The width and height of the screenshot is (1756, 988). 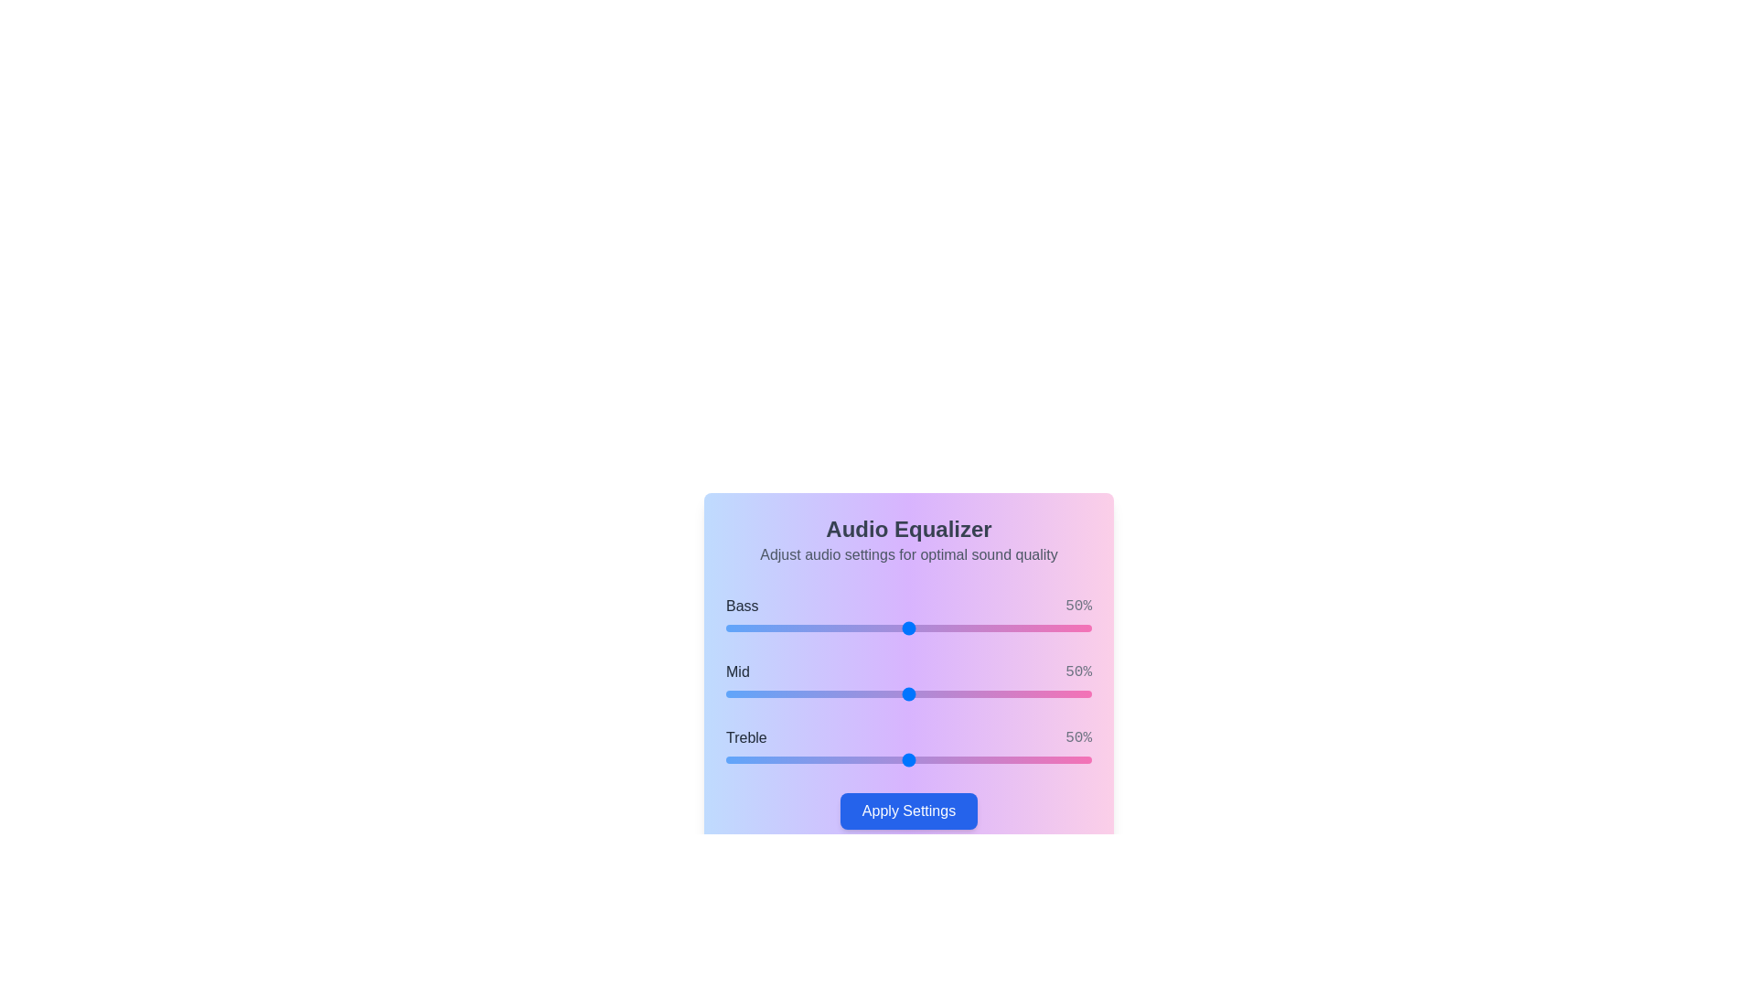 What do you see at coordinates (788, 694) in the screenshot?
I see `the 1 slider to 17%` at bounding box center [788, 694].